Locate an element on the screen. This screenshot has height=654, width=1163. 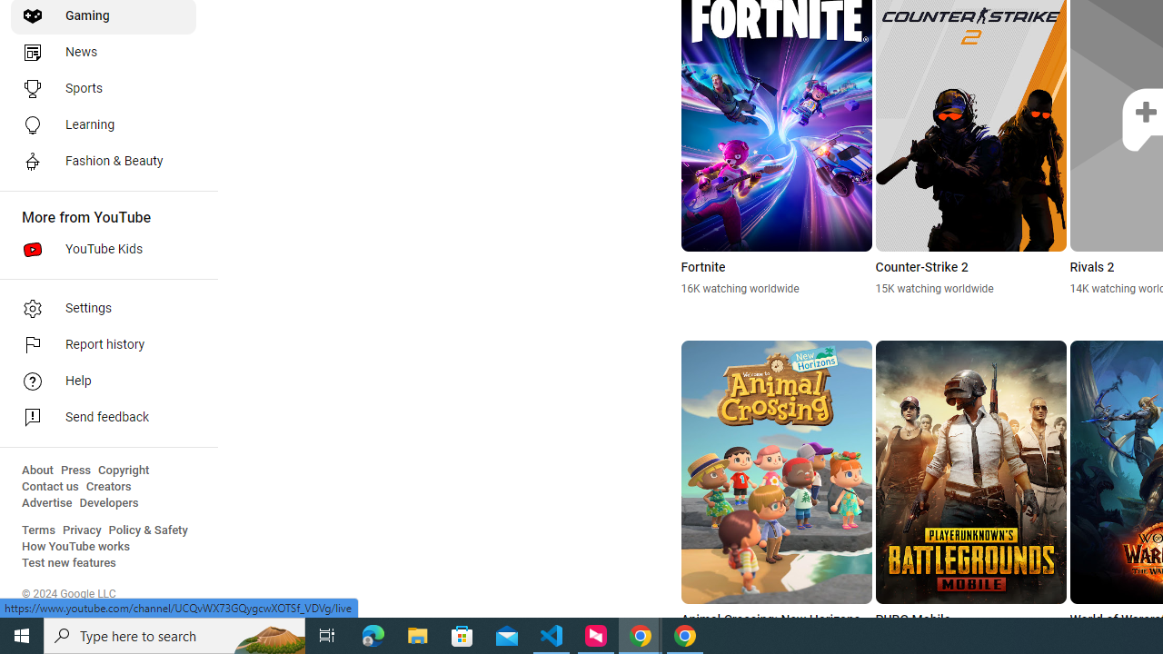
'News' is located at coordinates (102, 51).